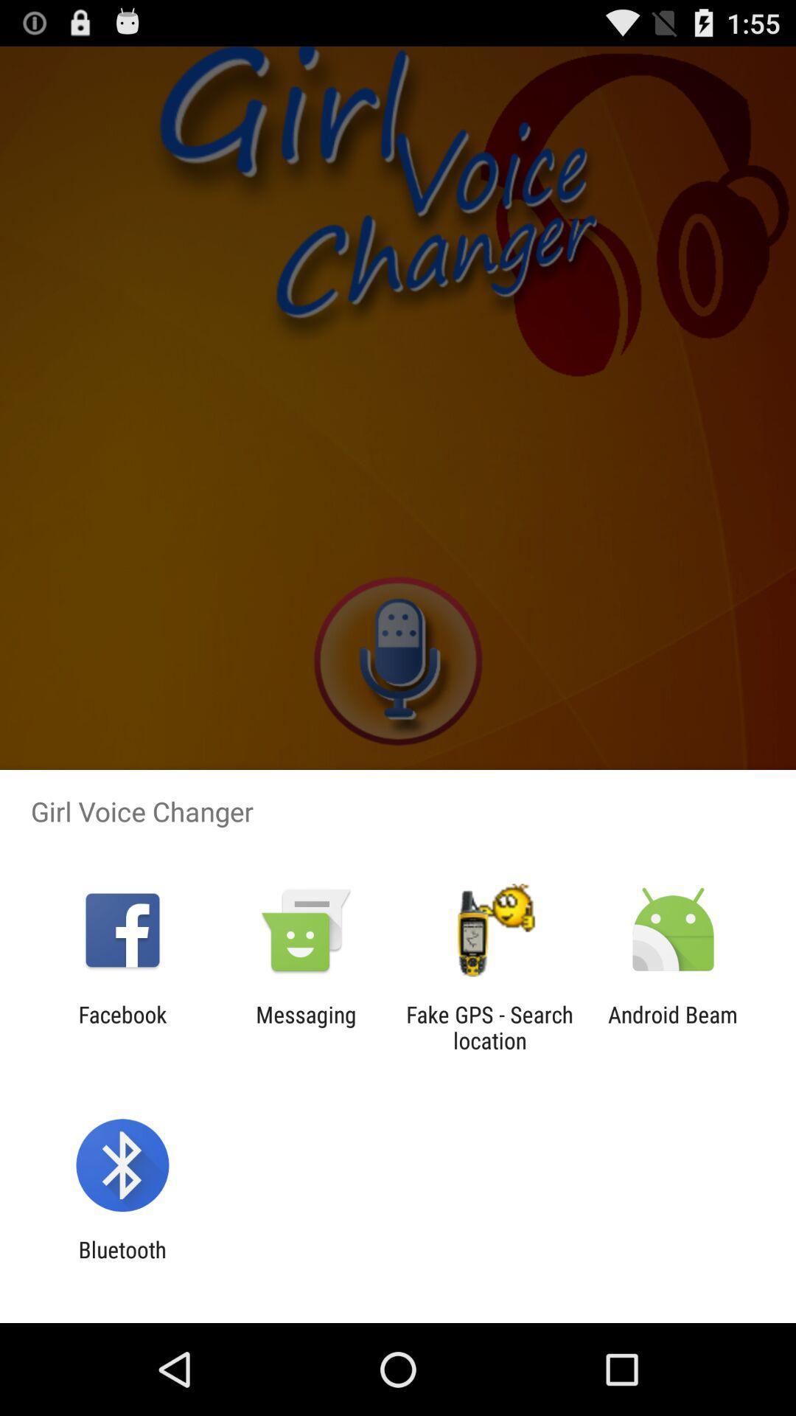 This screenshot has height=1416, width=796. Describe the element at coordinates (673, 1027) in the screenshot. I see `the android beam icon` at that location.